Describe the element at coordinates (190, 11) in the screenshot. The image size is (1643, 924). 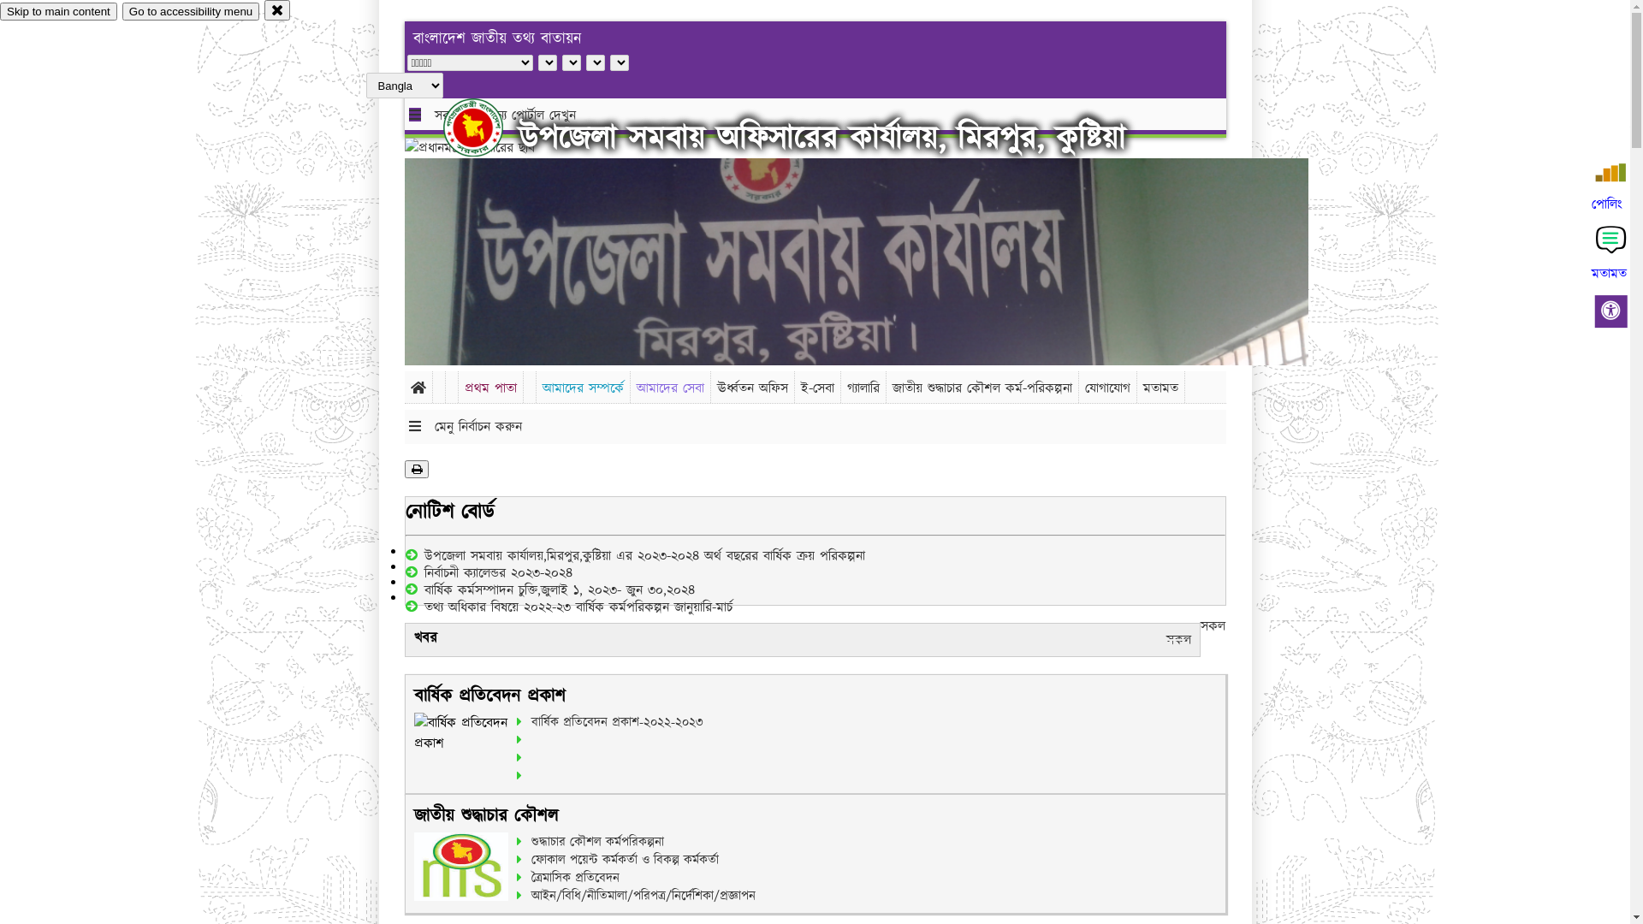
I see `'Go to accessibility menu'` at that location.